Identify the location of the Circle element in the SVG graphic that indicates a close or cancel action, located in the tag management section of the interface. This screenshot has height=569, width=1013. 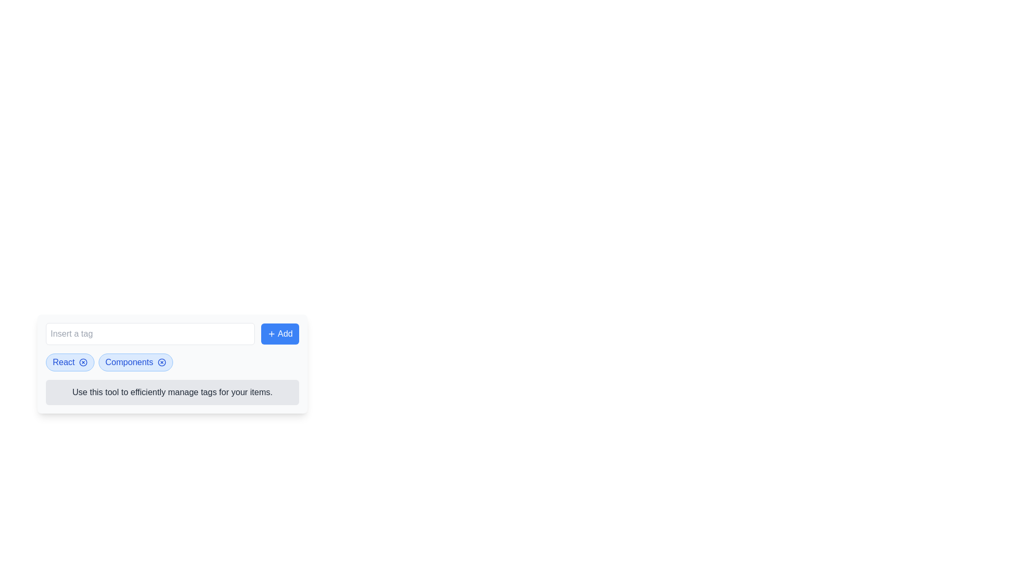
(82, 361).